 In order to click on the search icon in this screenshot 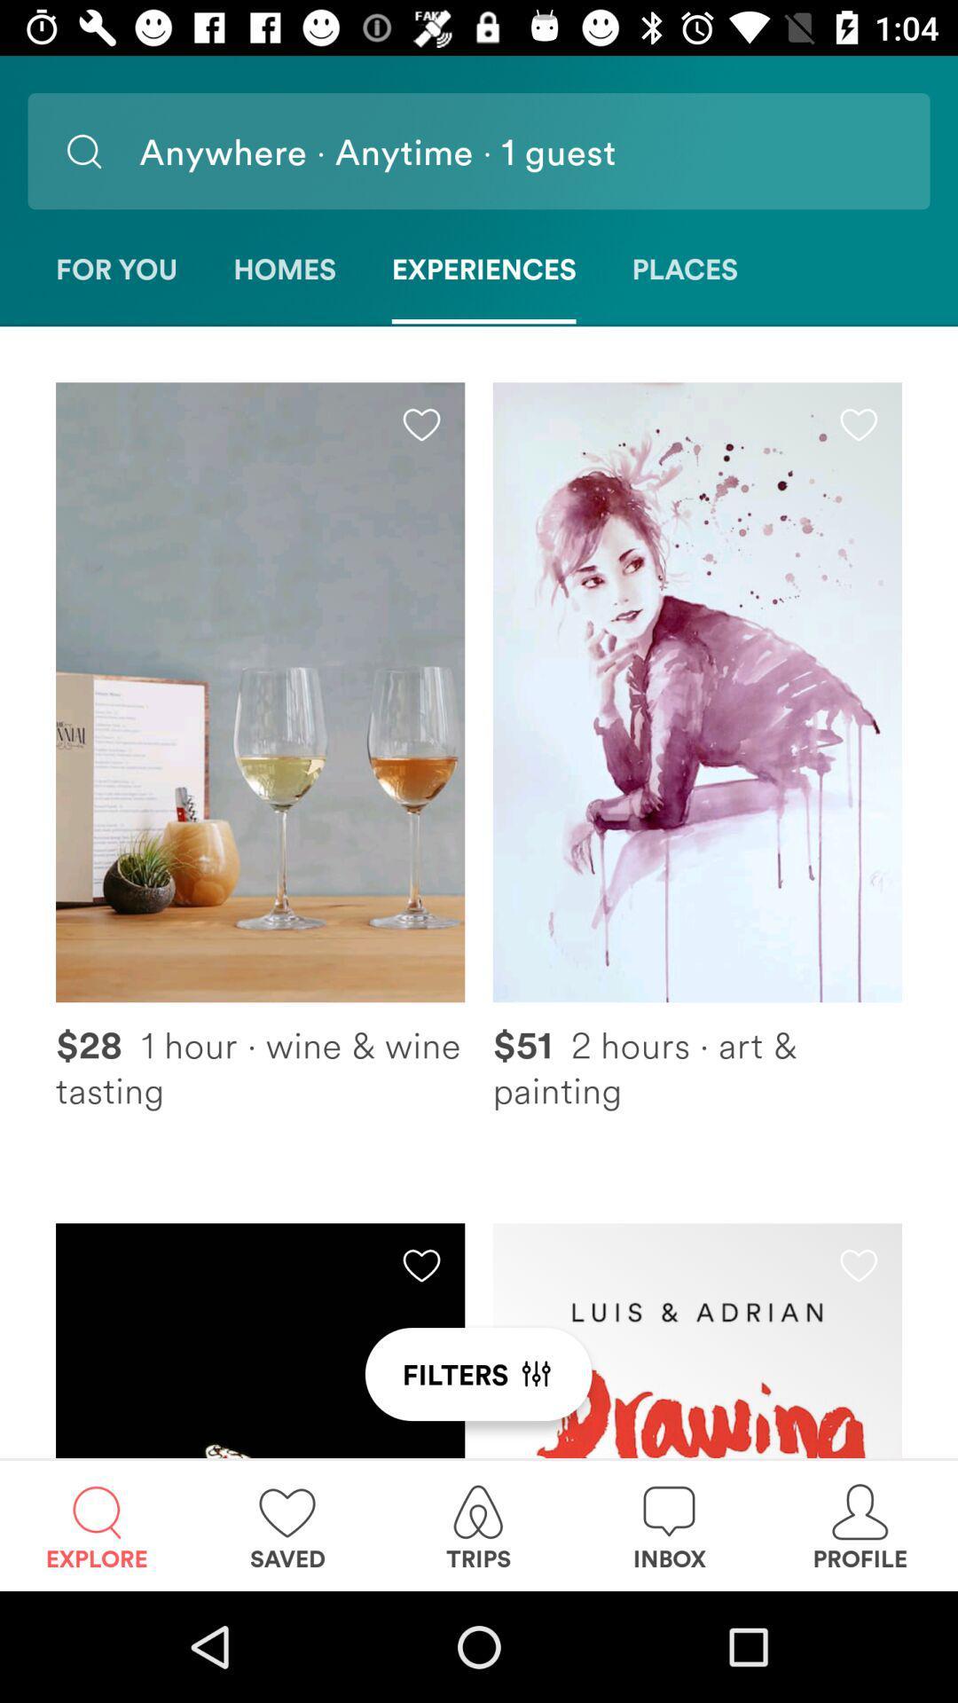, I will do `click(83, 151)`.